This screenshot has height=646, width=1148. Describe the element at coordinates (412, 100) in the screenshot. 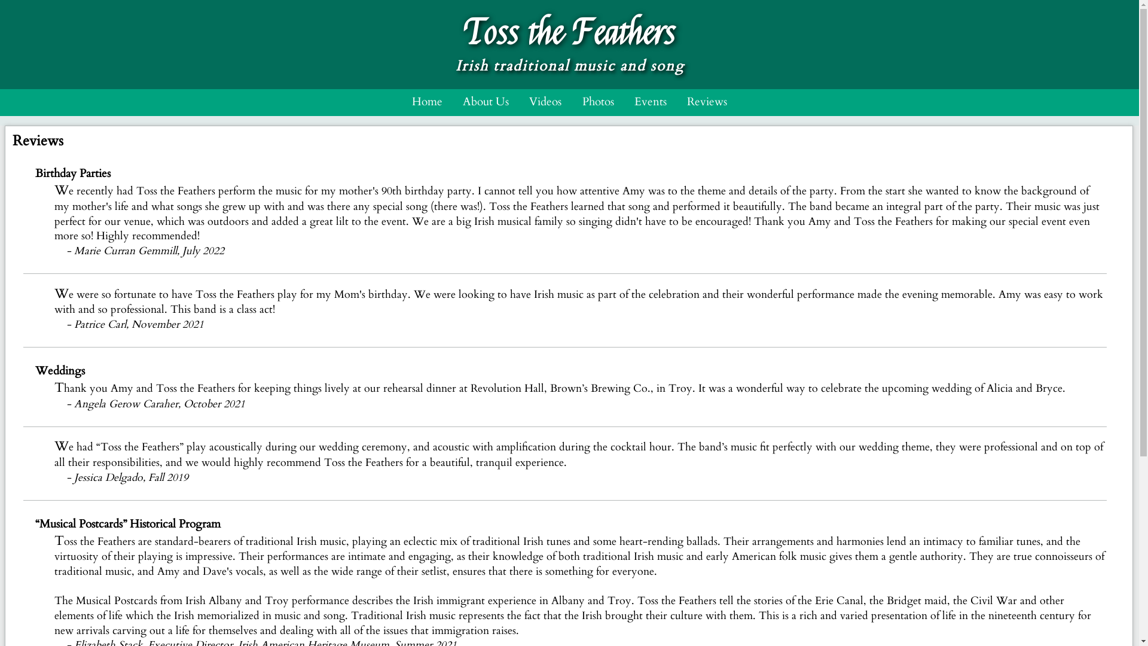

I see `'Home'` at that location.